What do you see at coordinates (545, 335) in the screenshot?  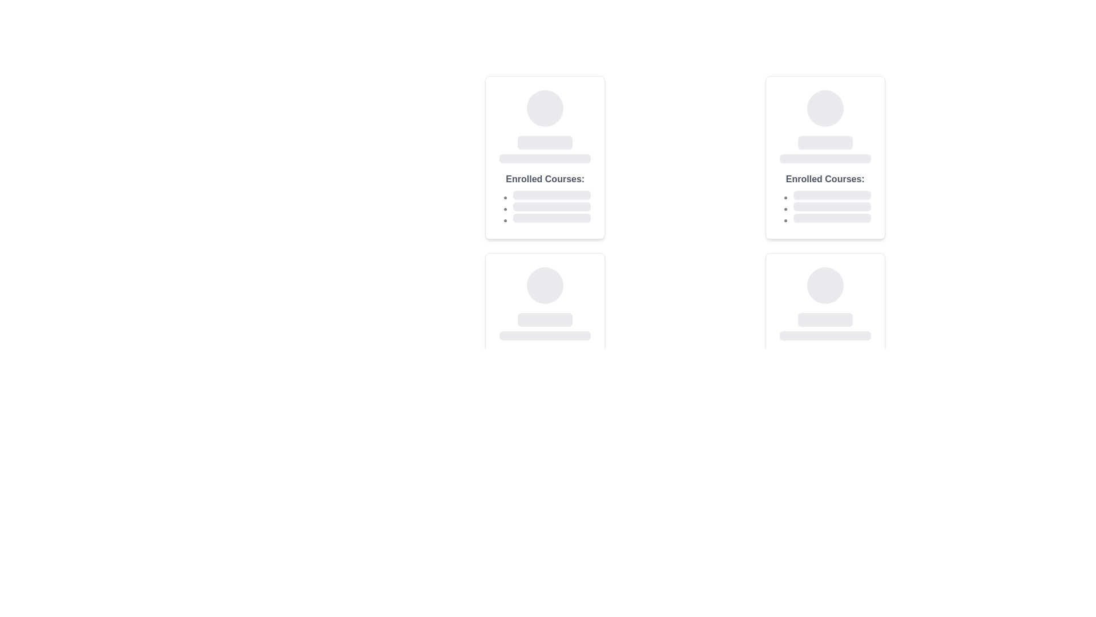 I see `the Placeholder UI element, which is a light gray, horizontally rectangular bar with rounded corners, located` at bounding box center [545, 335].